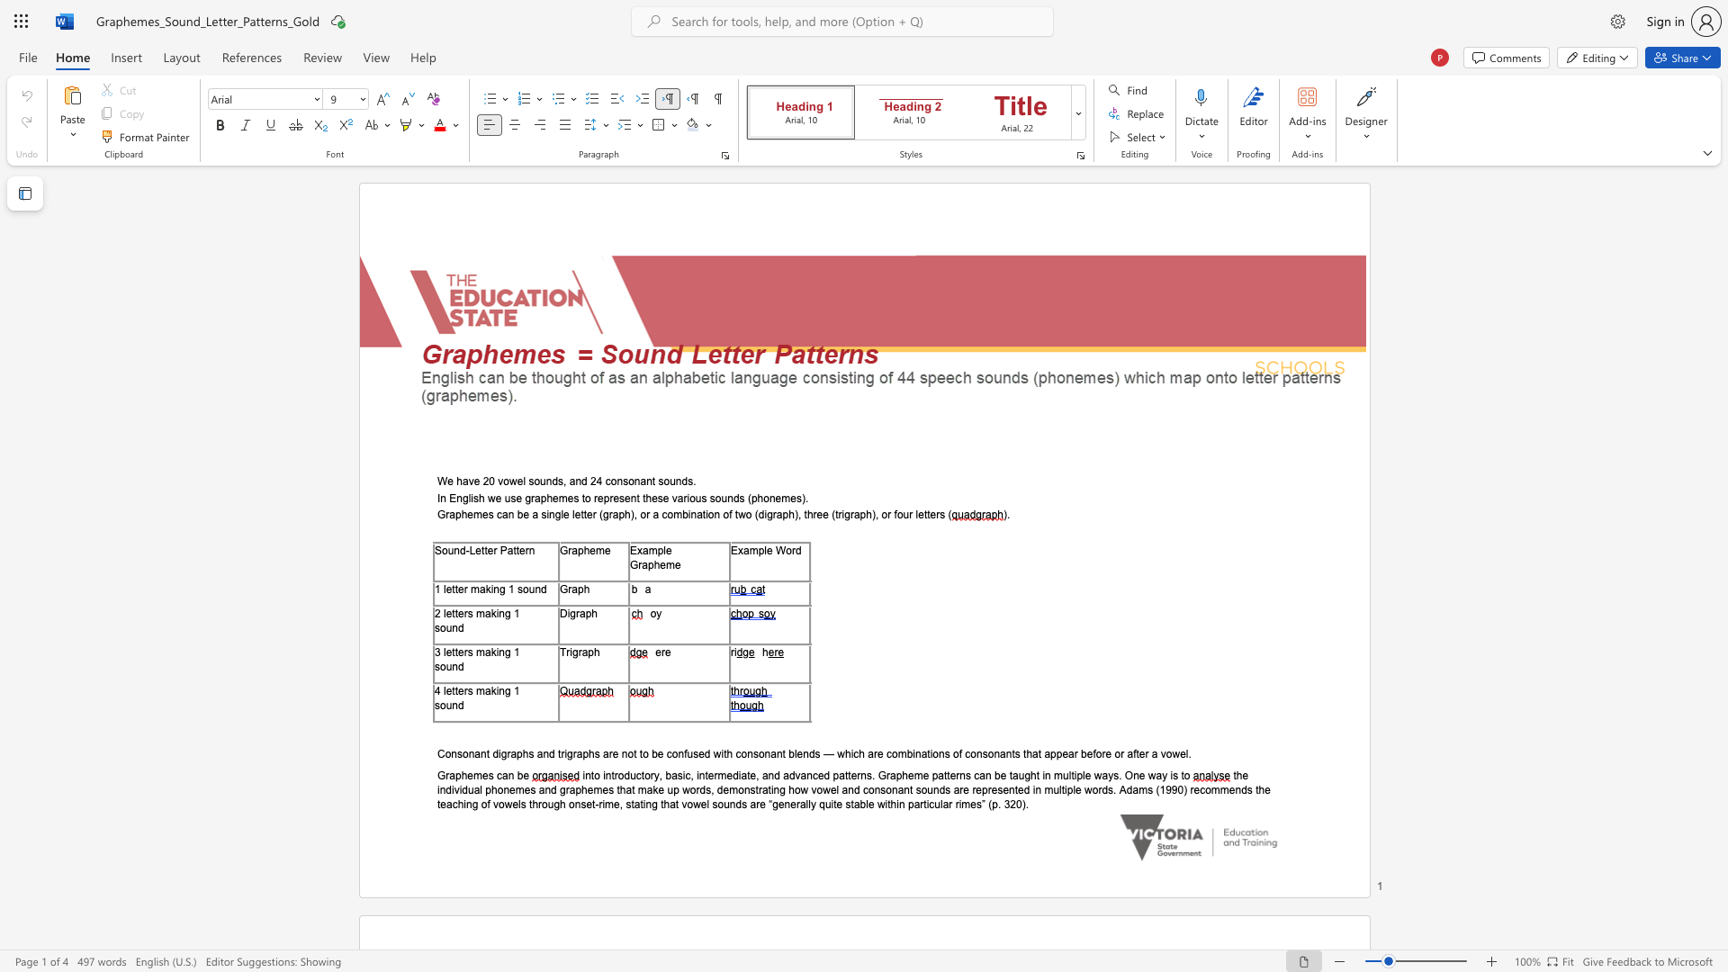  What do you see at coordinates (471, 498) in the screenshot?
I see `the subset text "ish we use gr" within the text "In English we use graphemes to"` at bounding box center [471, 498].